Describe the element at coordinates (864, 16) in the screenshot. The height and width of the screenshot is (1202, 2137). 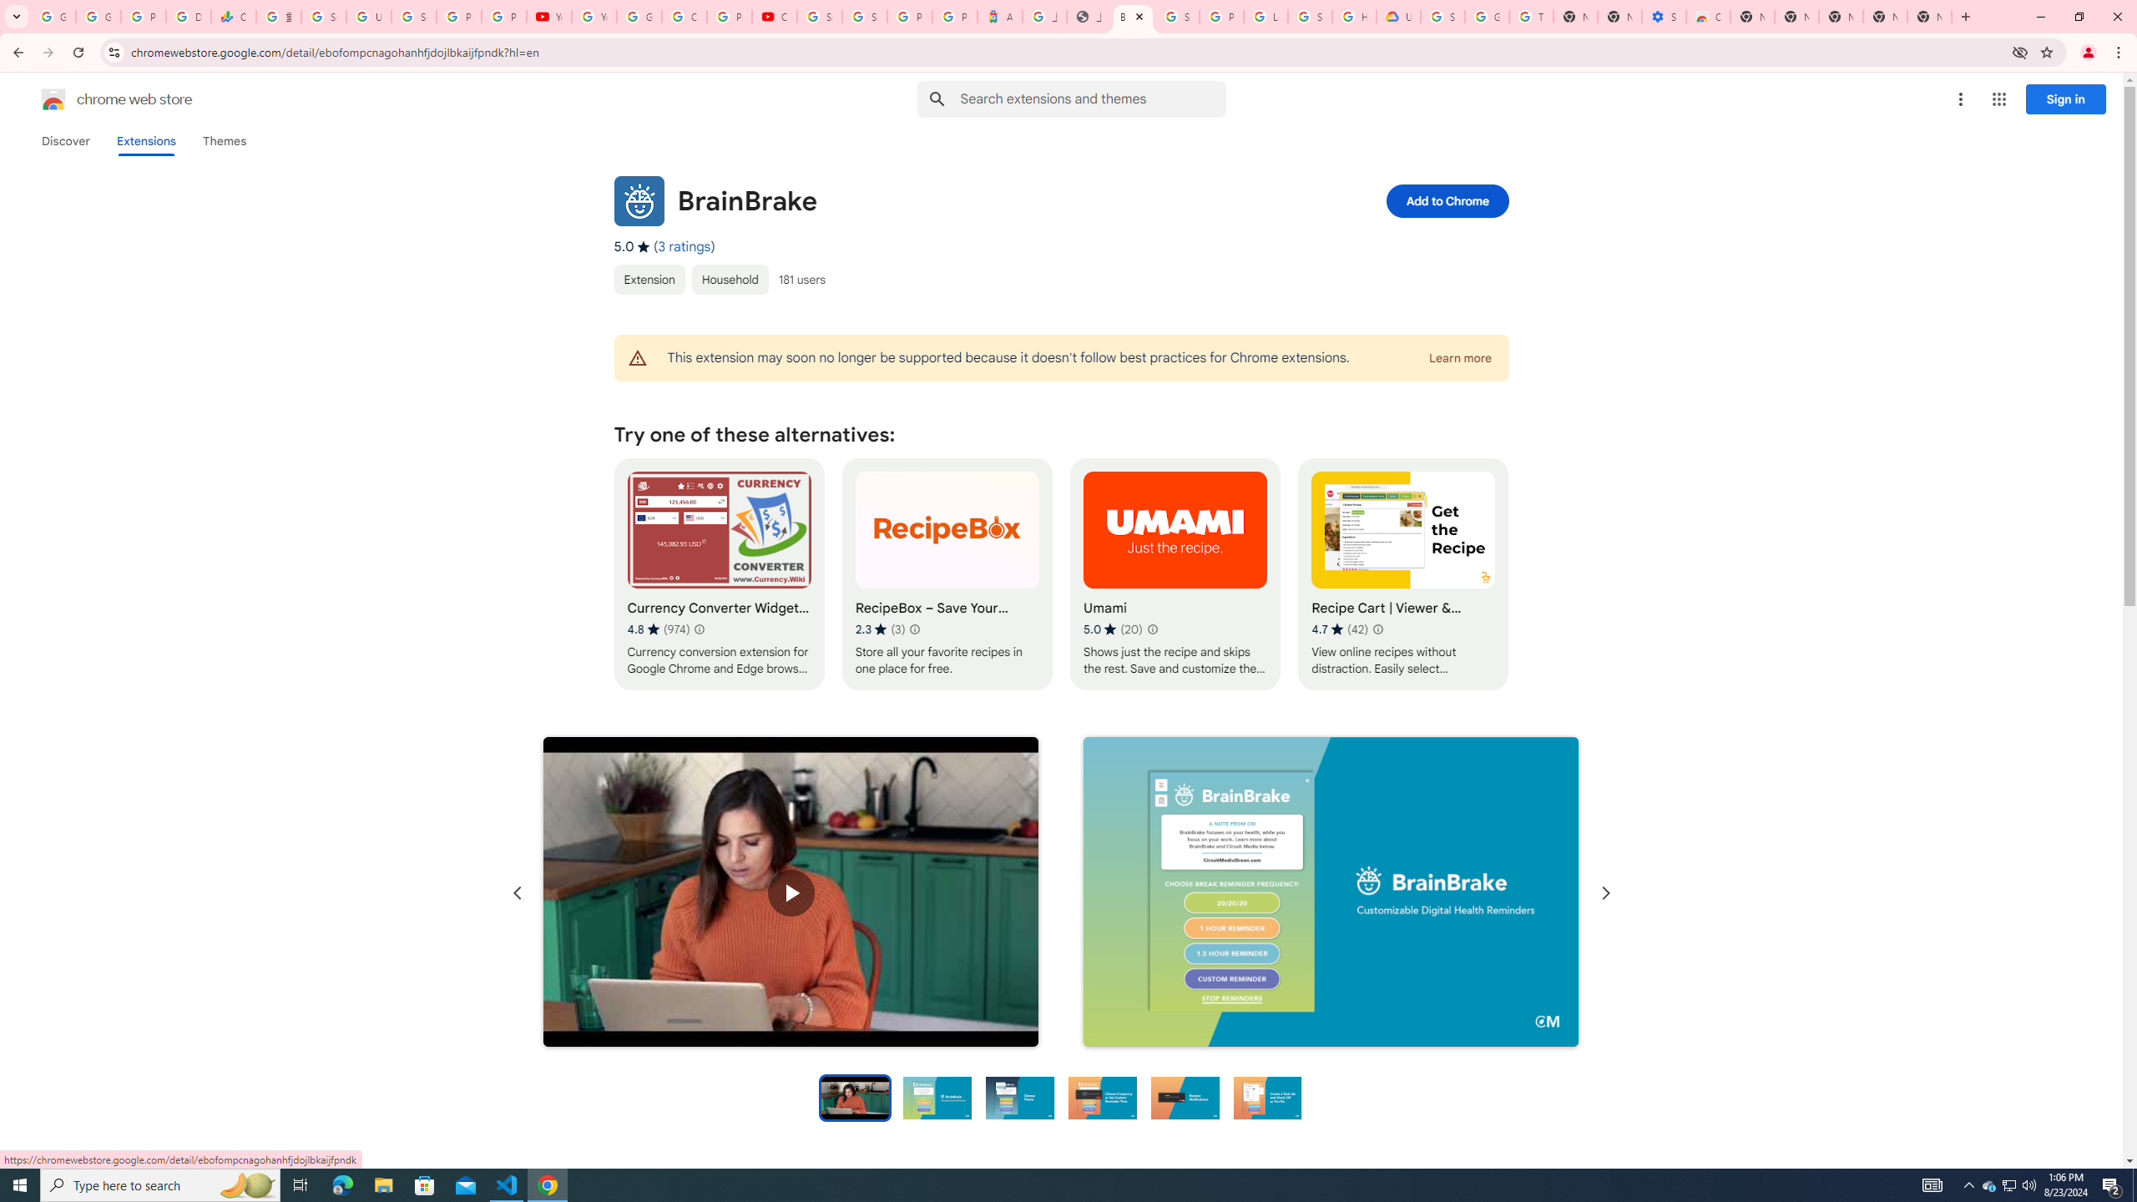
I see `'Sign in - Google Accounts'` at that location.